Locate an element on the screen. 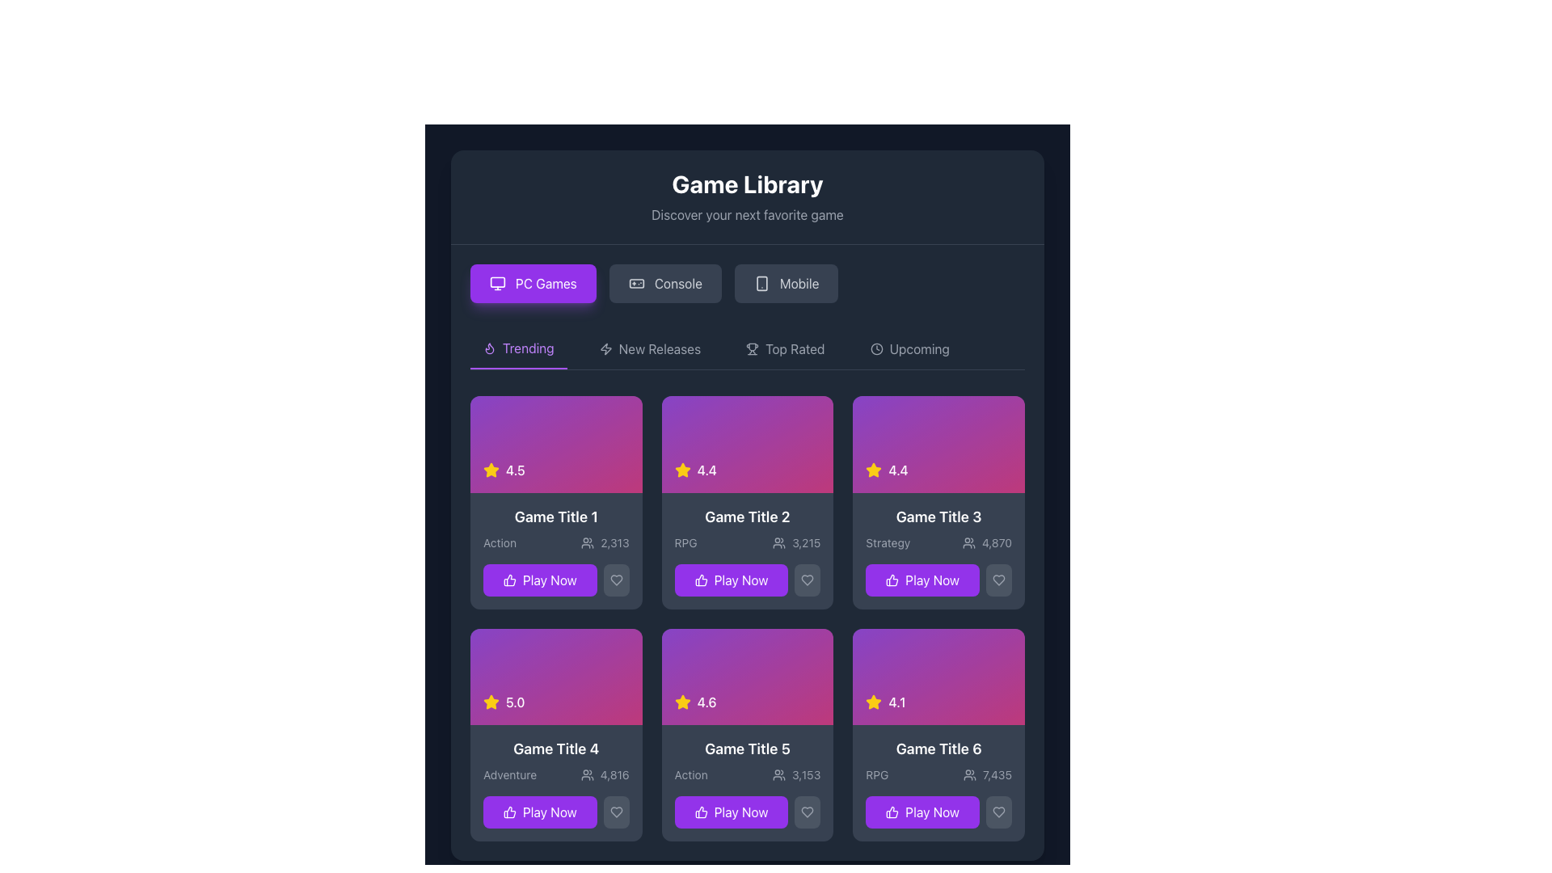 This screenshot has width=1552, height=873. the trophy icon located in the Top Rated section of the navigation, positioned right after the labels for Trending or New Releases is located at coordinates (752, 348).